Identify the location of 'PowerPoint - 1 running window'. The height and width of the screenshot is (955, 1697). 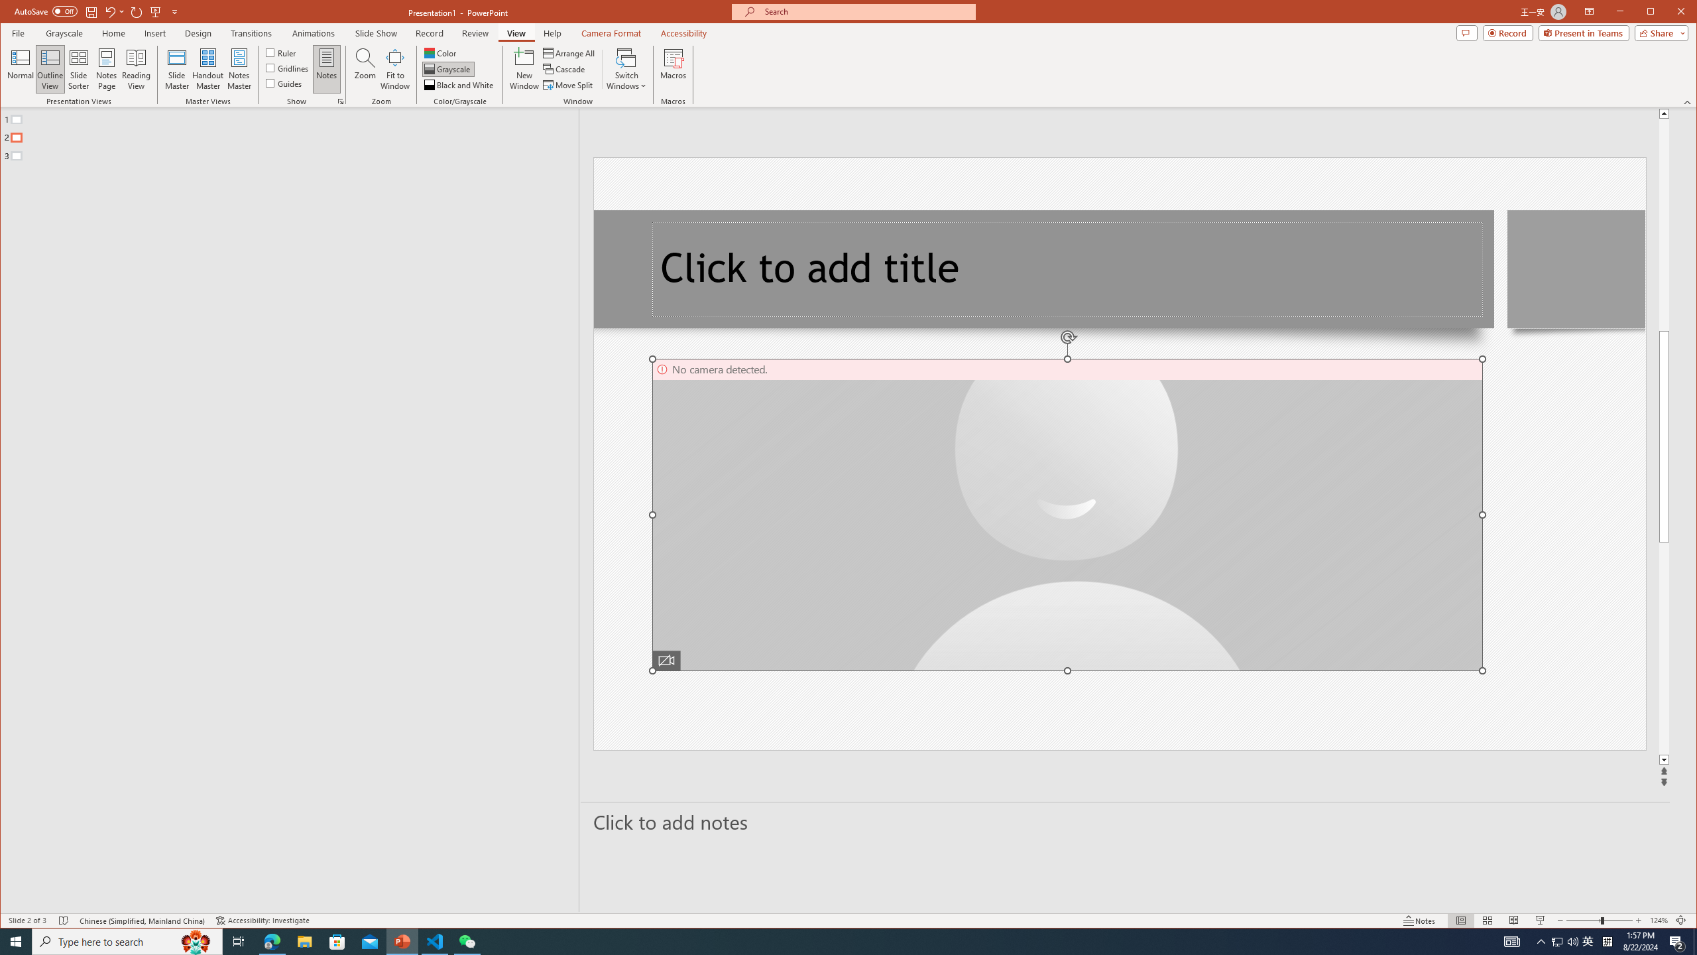
(402, 940).